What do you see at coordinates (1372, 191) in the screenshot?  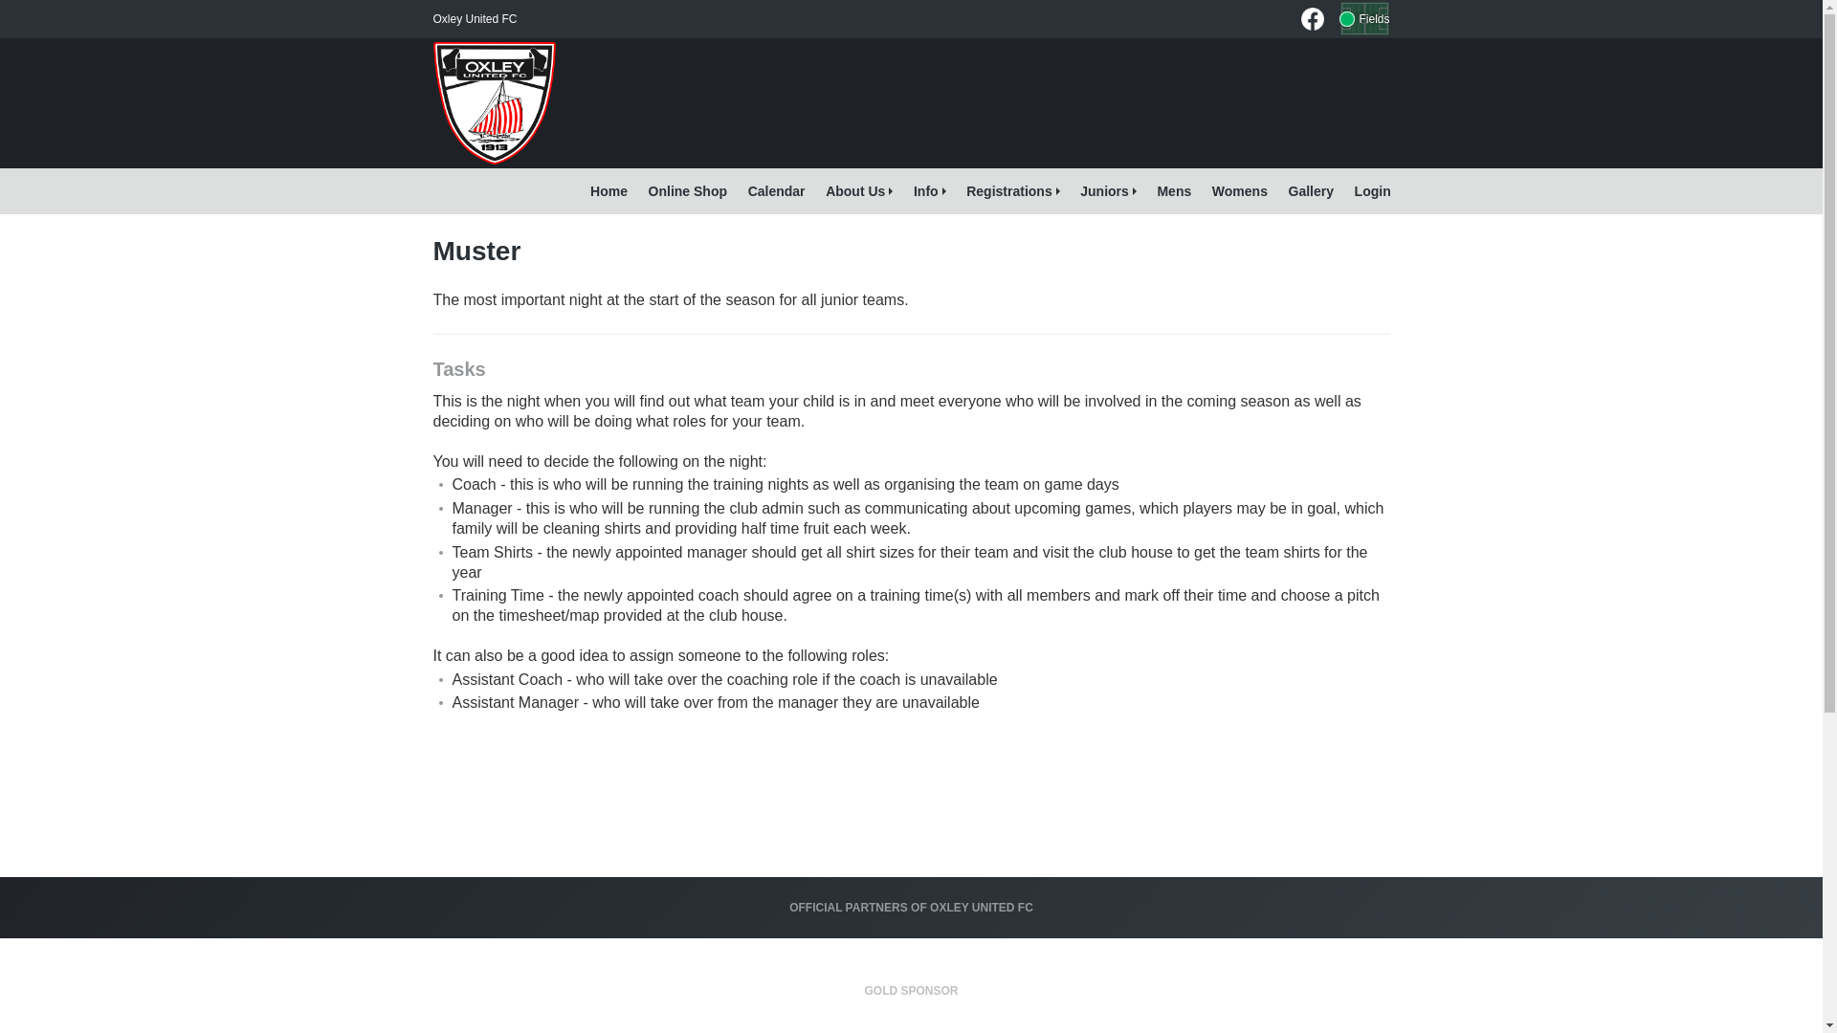 I see `'Login'` at bounding box center [1372, 191].